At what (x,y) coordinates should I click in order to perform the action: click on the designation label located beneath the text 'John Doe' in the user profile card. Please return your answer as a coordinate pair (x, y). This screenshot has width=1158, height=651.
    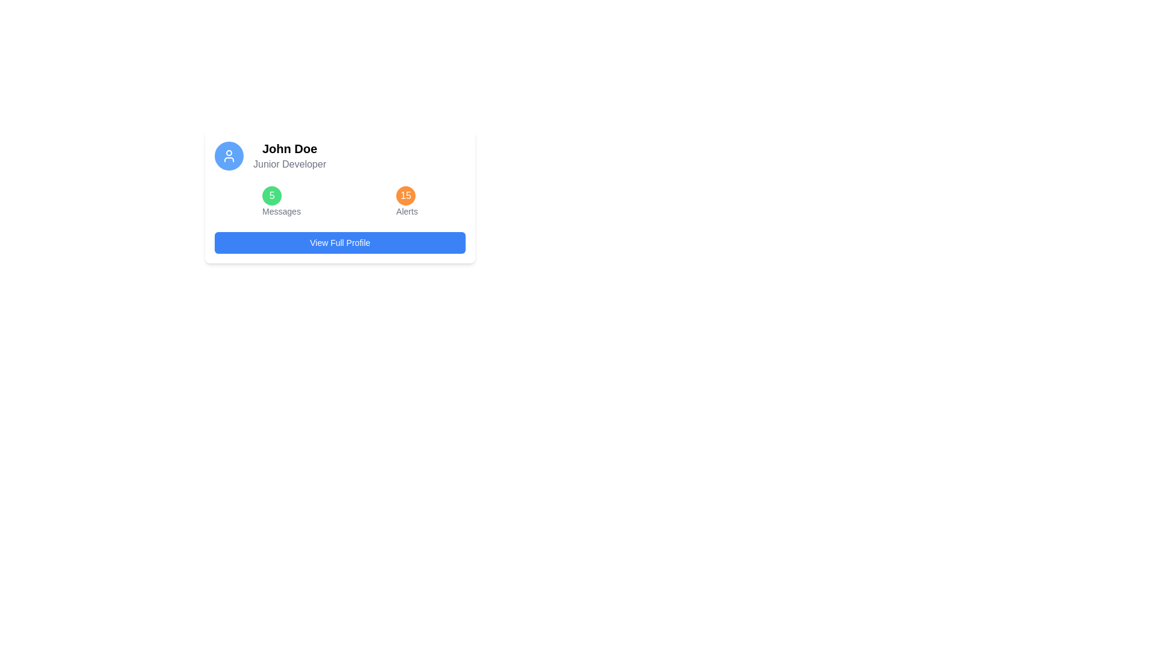
    Looking at the image, I should click on (289, 165).